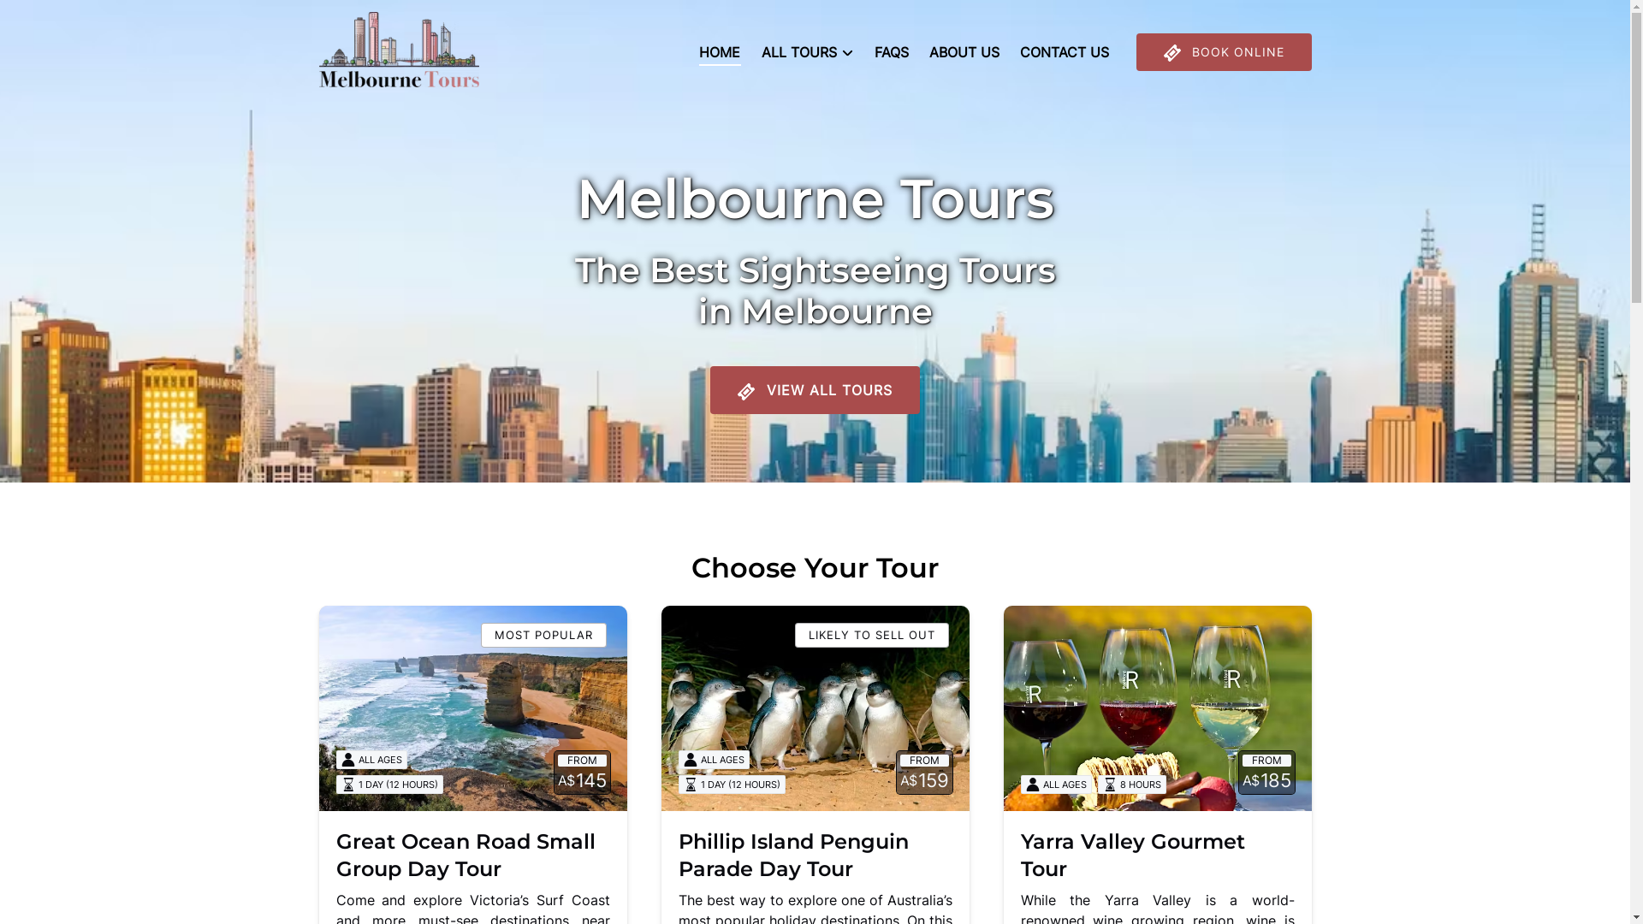 This screenshot has width=1643, height=924. Describe the element at coordinates (53, 19) in the screenshot. I see `'Skip to footer'` at that location.